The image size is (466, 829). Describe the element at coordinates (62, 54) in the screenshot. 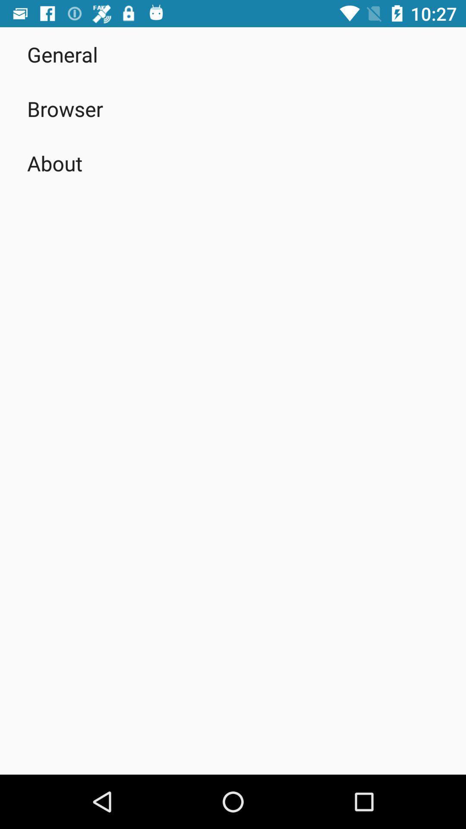

I see `general app` at that location.